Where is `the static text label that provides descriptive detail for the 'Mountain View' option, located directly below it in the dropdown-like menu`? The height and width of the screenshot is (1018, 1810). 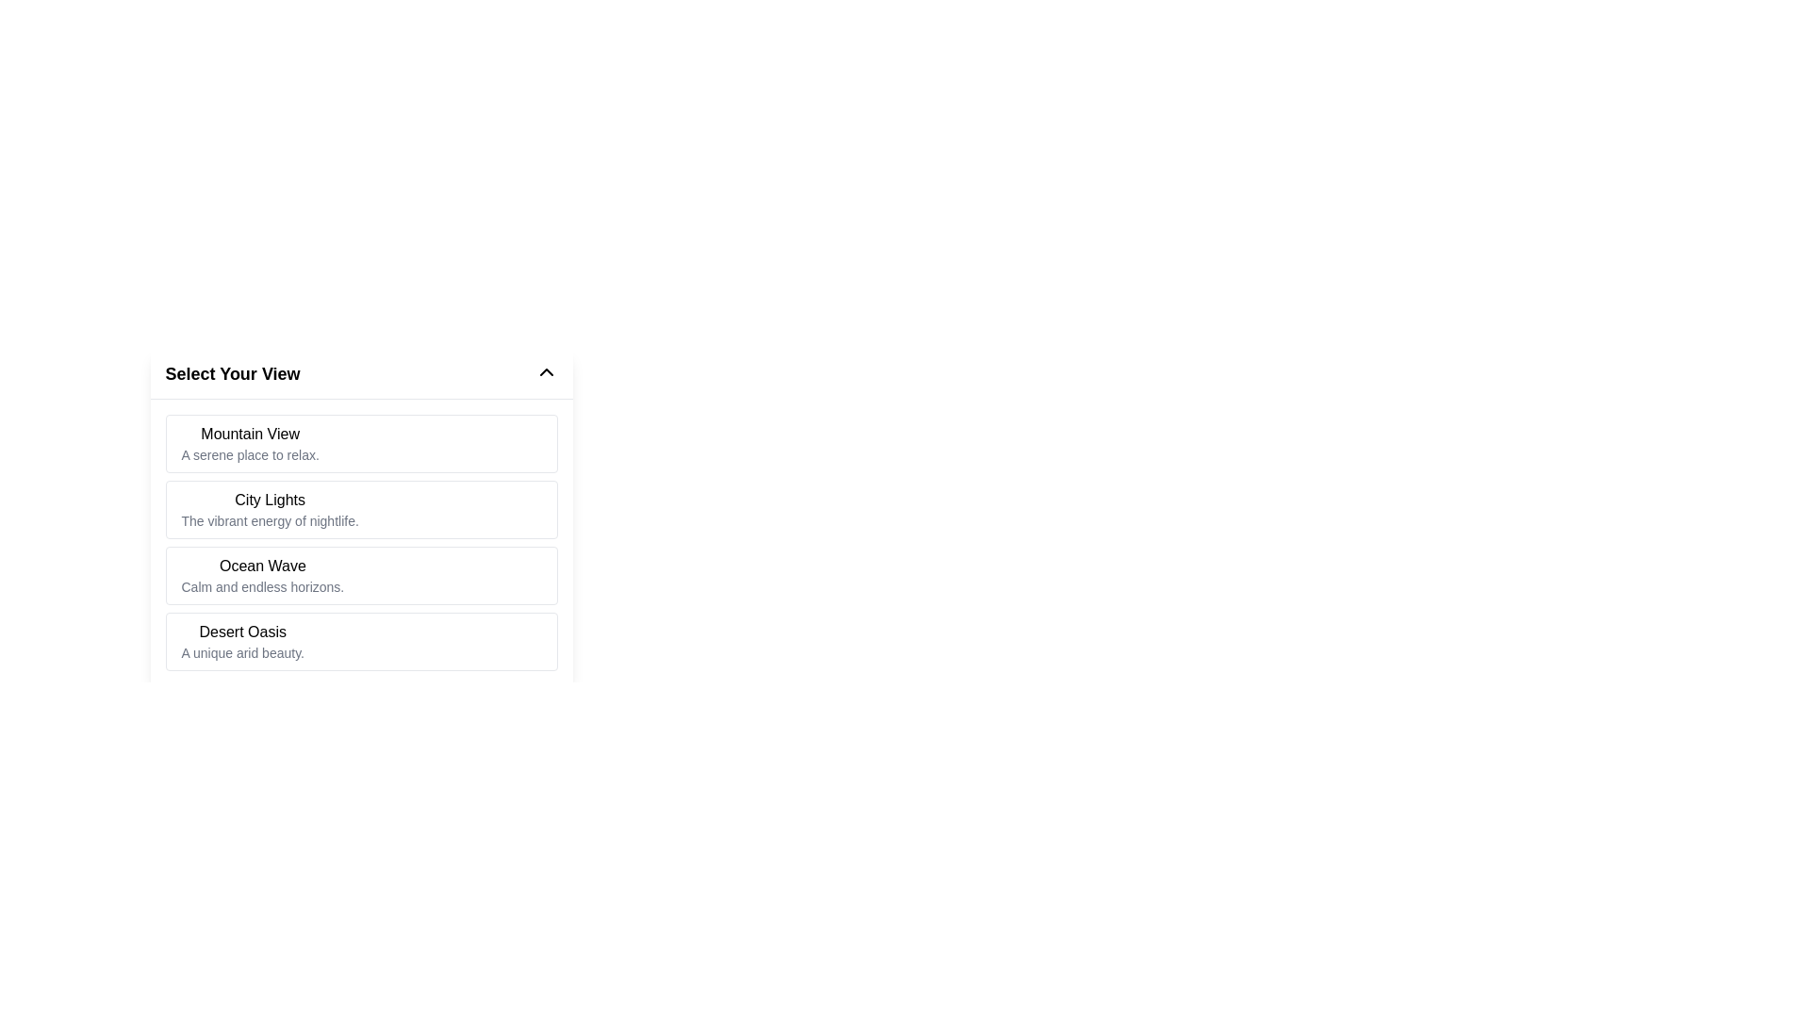
the static text label that provides descriptive detail for the 'Mountain View' option, located directly below it in the dropdown-like menu is located at coordinates (249, 454).